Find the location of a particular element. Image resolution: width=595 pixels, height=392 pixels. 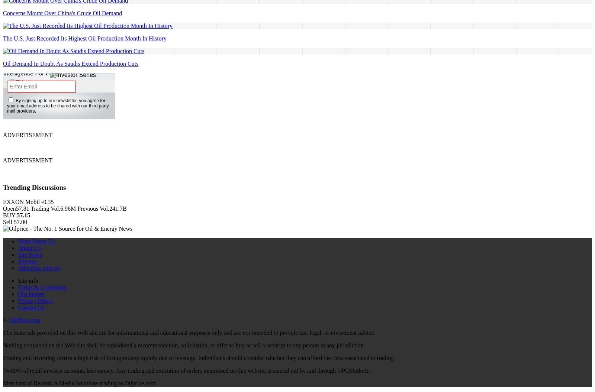

'The materials provided on this Web site are for informational and educational purposes only and are not intended to provide tax, legal, or investment advice.' is located at coordinates (189, 332).